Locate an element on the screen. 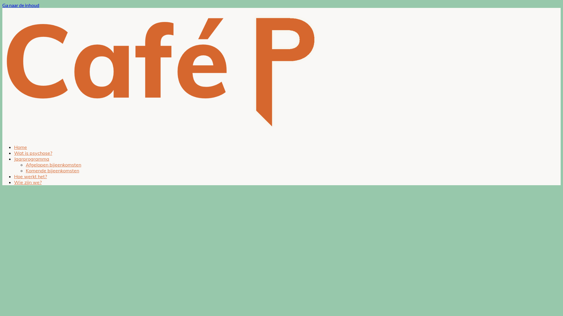 The image size is (563, 316). 'Komende bijeenkomsten' is located at coordinates (52, 170).